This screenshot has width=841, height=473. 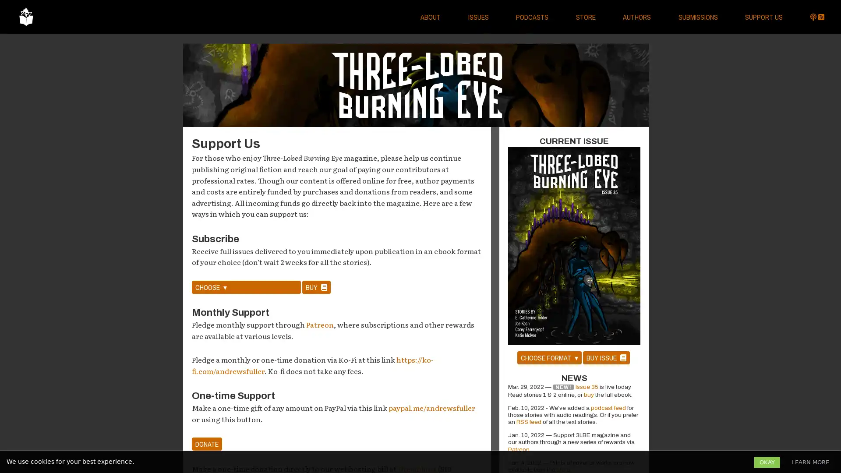 I want to click on DONATE, so click(x=206, y=444).